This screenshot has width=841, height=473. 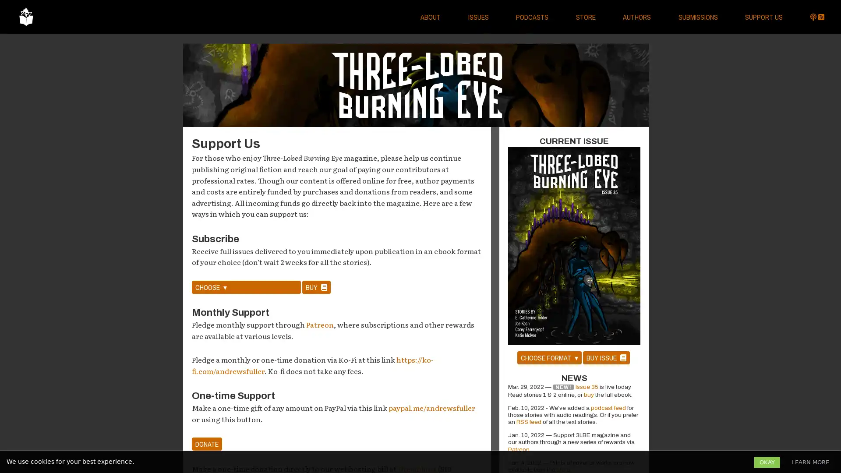 I want to click on DONATE, so click(x=206, y=444).